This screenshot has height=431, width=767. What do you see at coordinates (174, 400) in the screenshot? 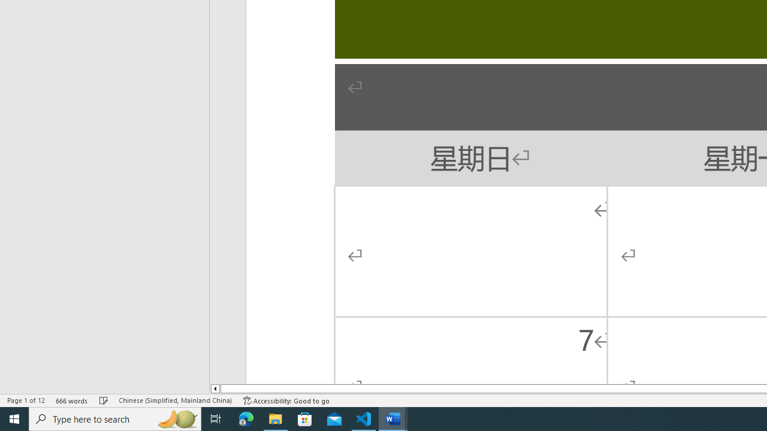
I see `'Language Chinese (Simplified, Mainland China)'` at bounding box center [174, 400].